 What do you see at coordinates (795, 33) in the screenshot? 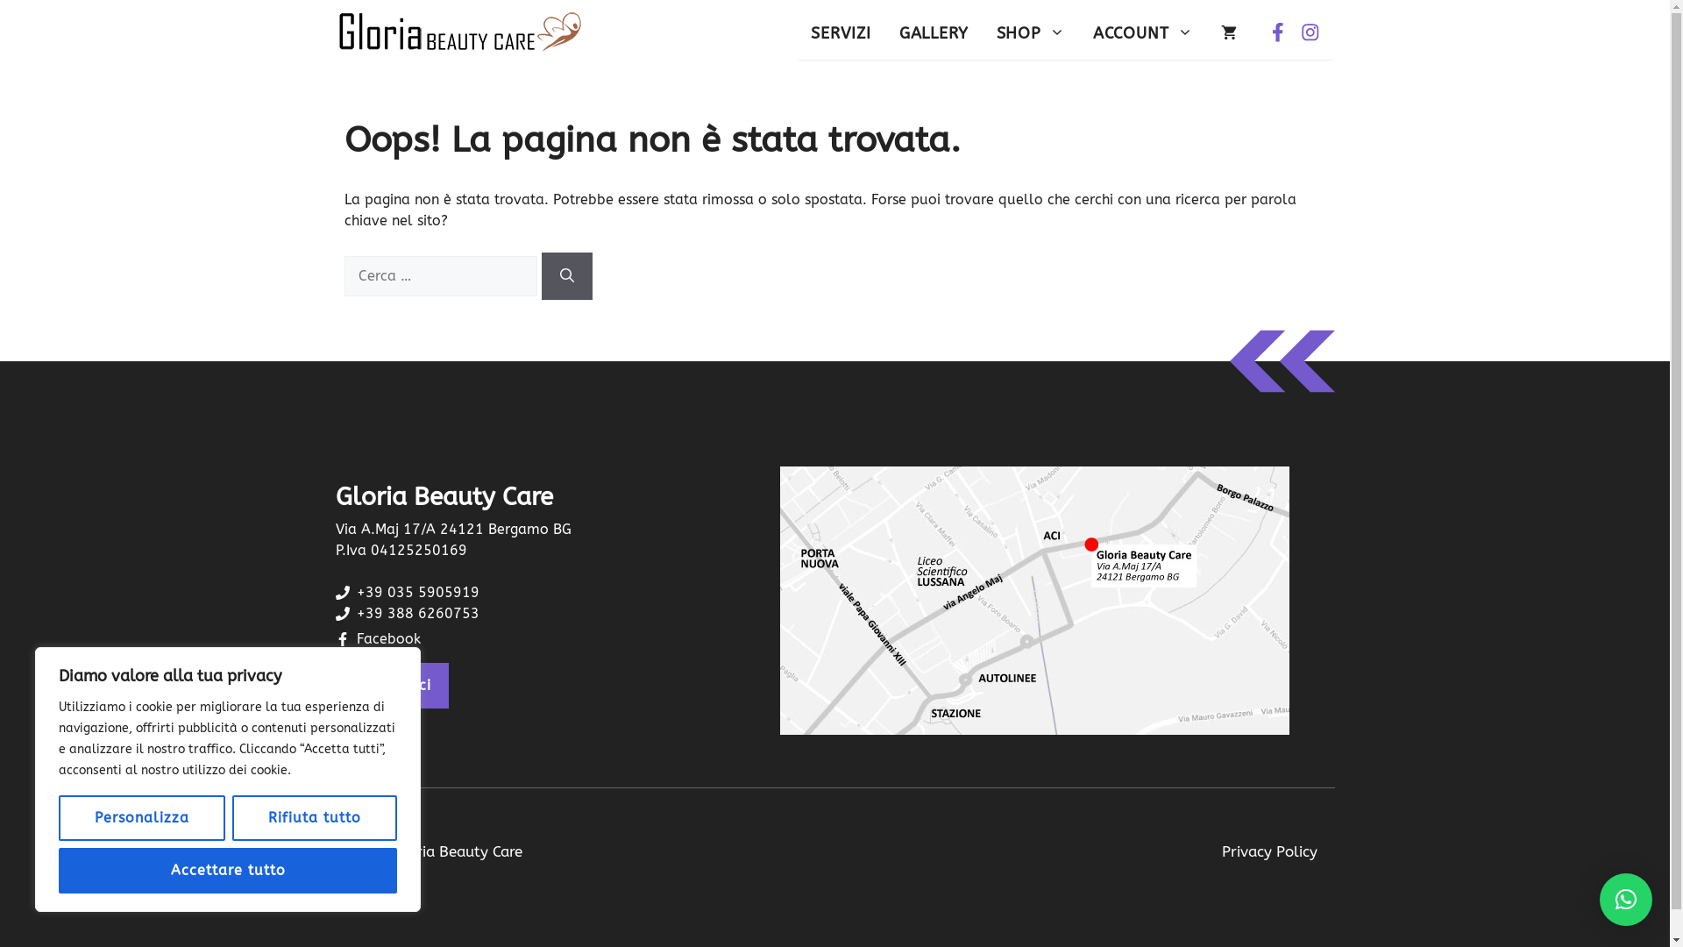
I see `'SERVIZI'` at bounding box center [795, 33].